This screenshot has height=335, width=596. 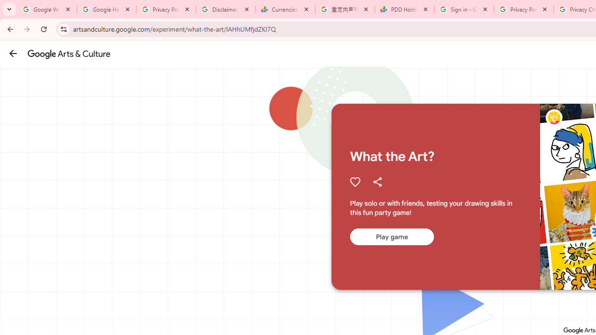 I want to click on 'Google Arts & Culture', so click(x=68, y=54).